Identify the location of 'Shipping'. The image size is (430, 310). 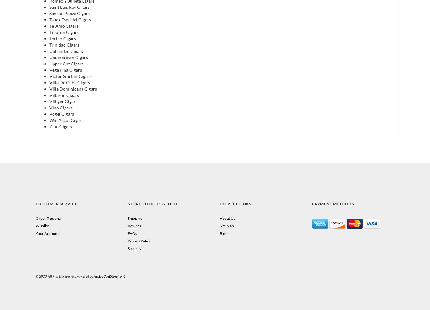
(134, 218).